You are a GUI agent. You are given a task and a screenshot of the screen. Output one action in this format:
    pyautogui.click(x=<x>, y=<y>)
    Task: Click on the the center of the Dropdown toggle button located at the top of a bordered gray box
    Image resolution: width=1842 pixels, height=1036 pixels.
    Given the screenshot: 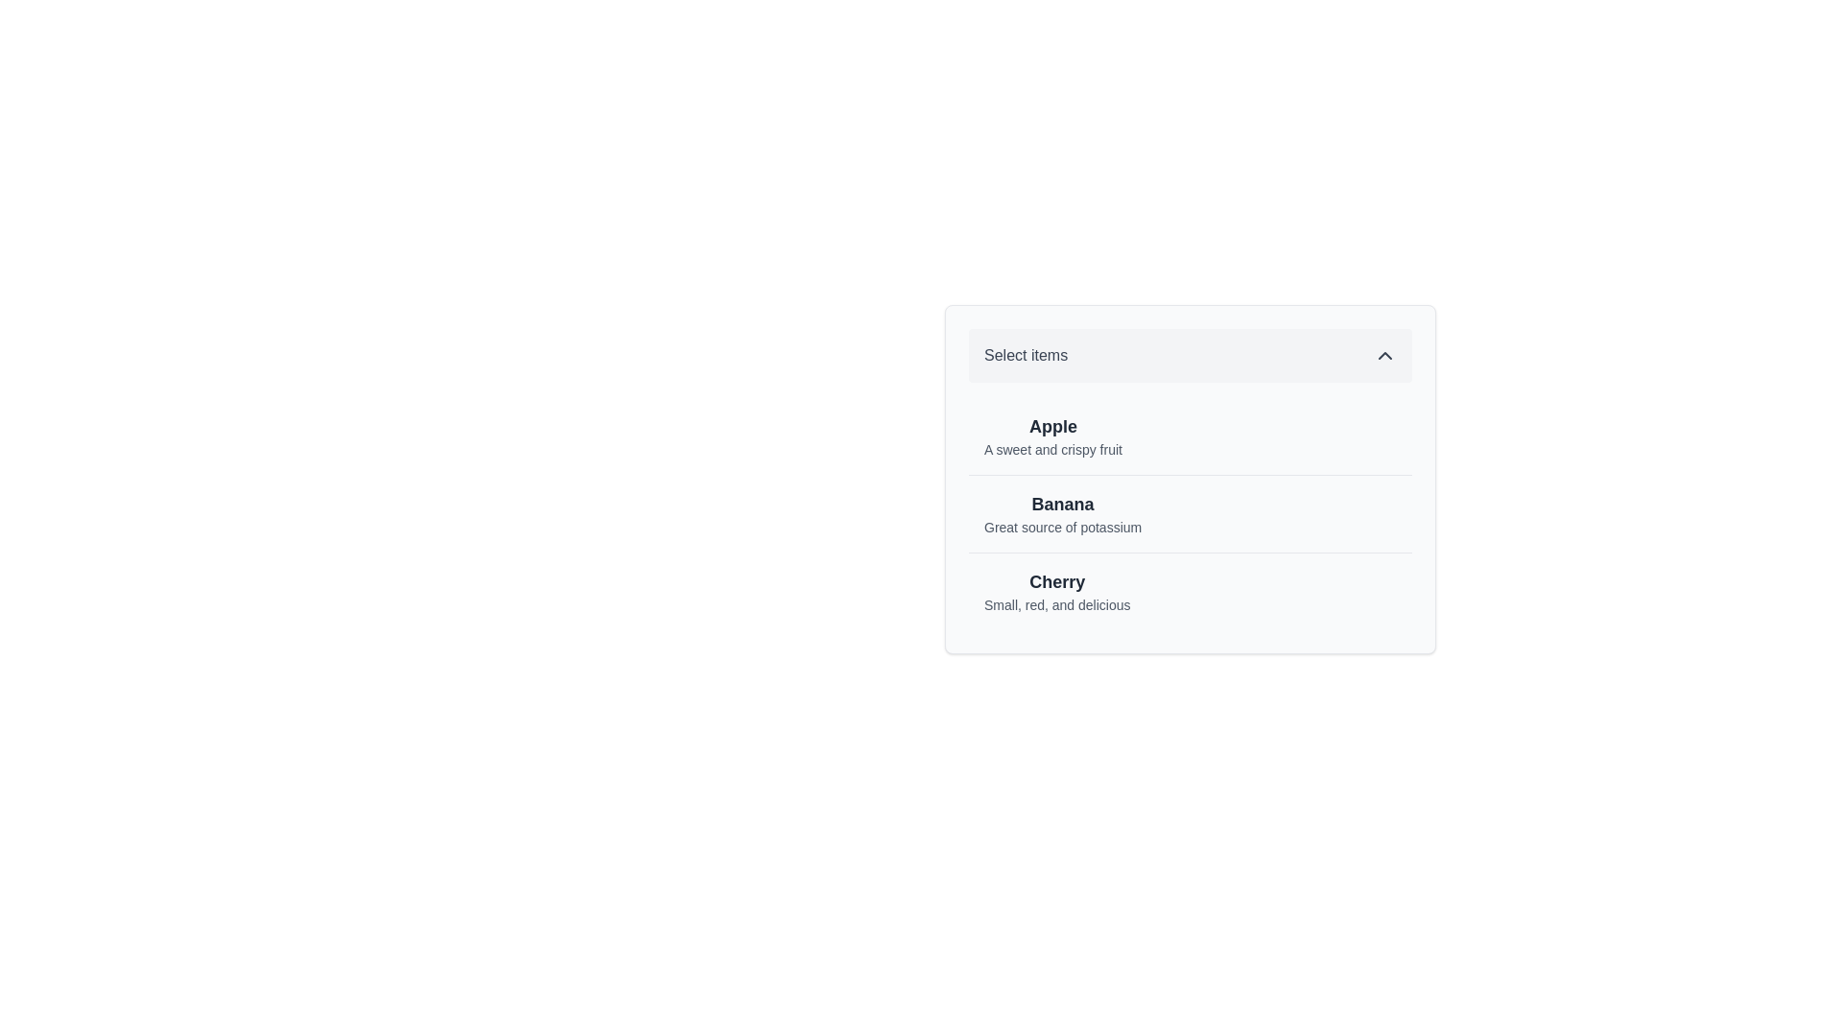 What is the action you would take?
    pyautogui.click(x=1190, y=355)
    